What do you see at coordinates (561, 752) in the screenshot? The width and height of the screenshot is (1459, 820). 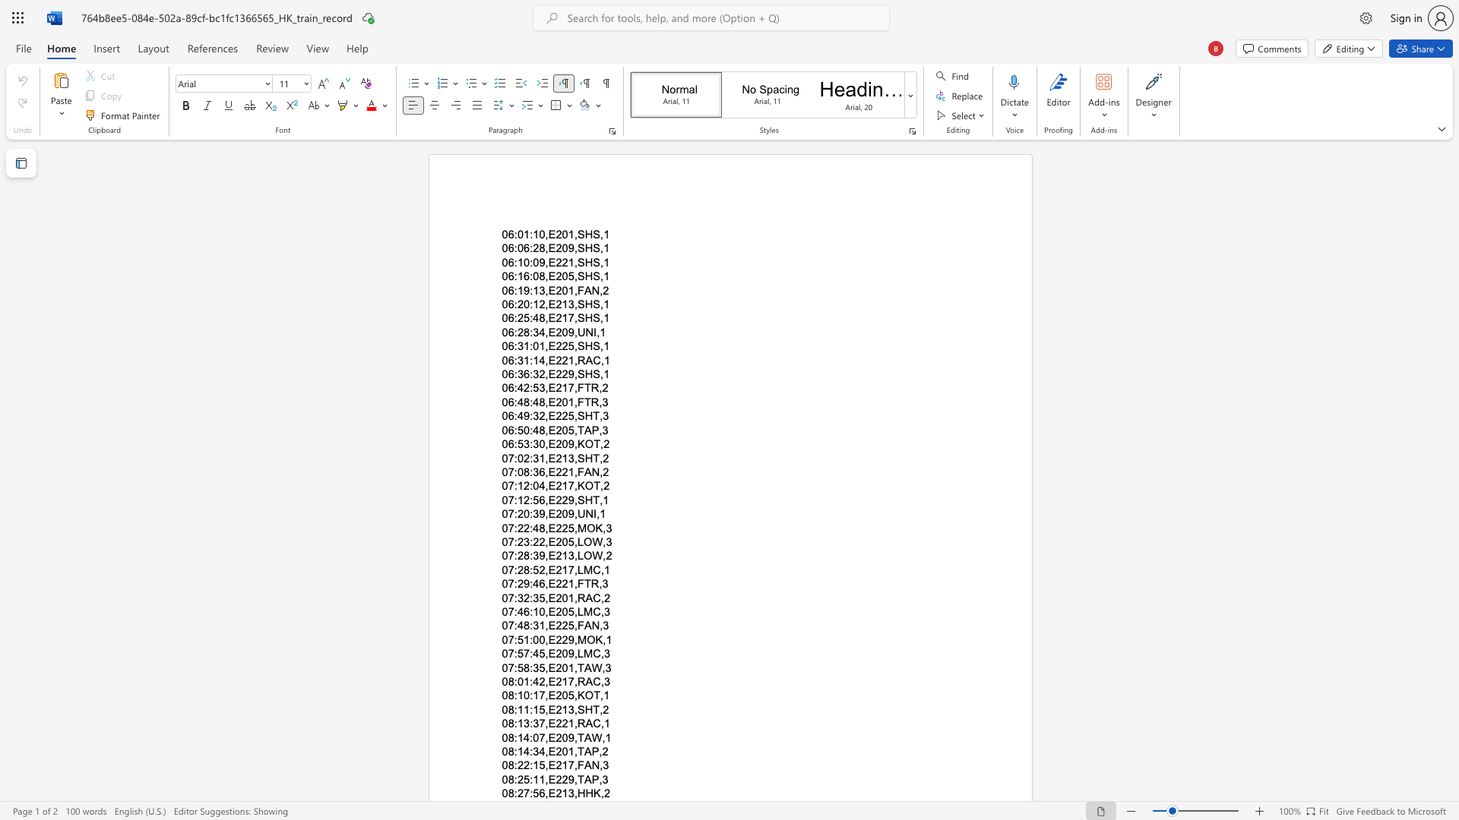 I see `the space between the continuous character "2" and "0" in the text` at bounding box center [561, 752].